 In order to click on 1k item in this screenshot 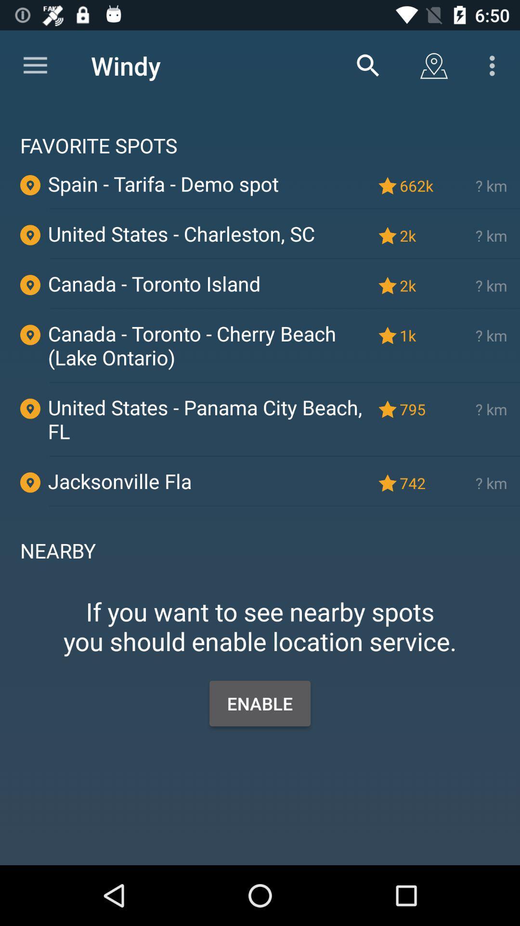, I will do `click(418, 335)`.